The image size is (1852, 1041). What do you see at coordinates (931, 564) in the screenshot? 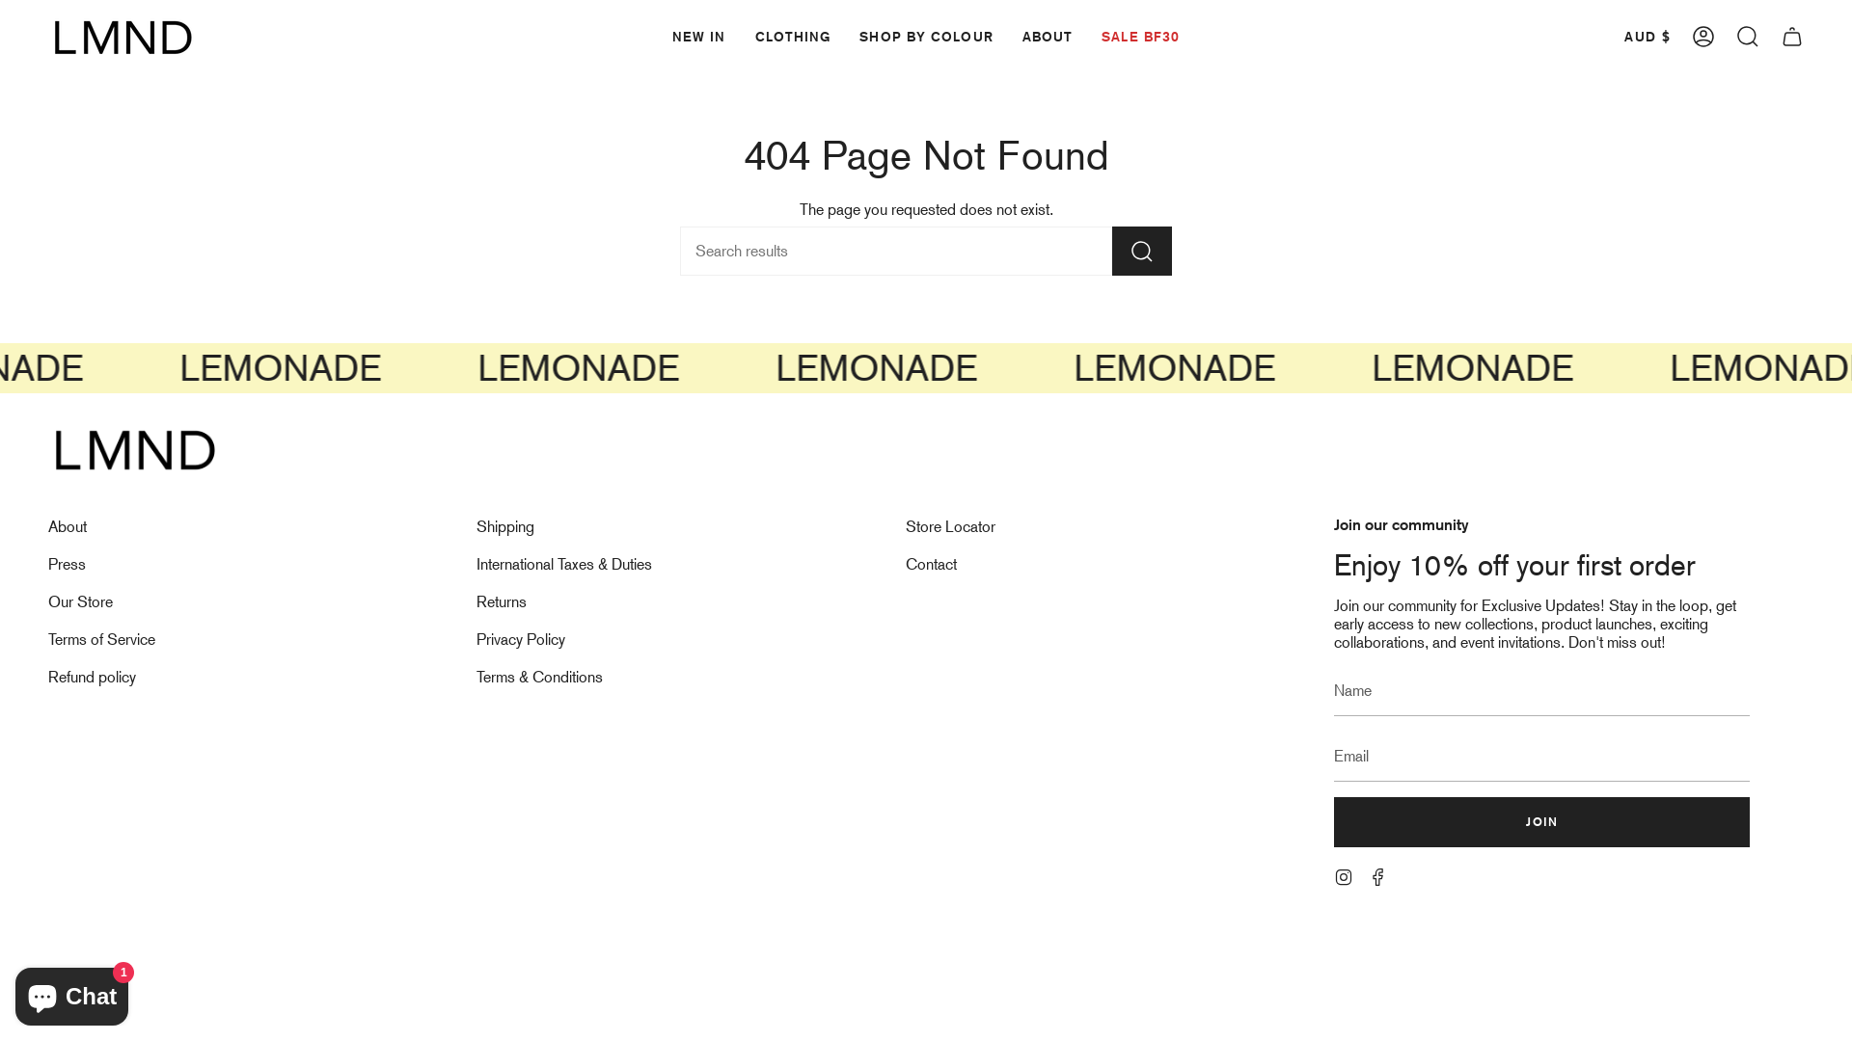
I see `'Contact'` at bounding box center [931, 564].